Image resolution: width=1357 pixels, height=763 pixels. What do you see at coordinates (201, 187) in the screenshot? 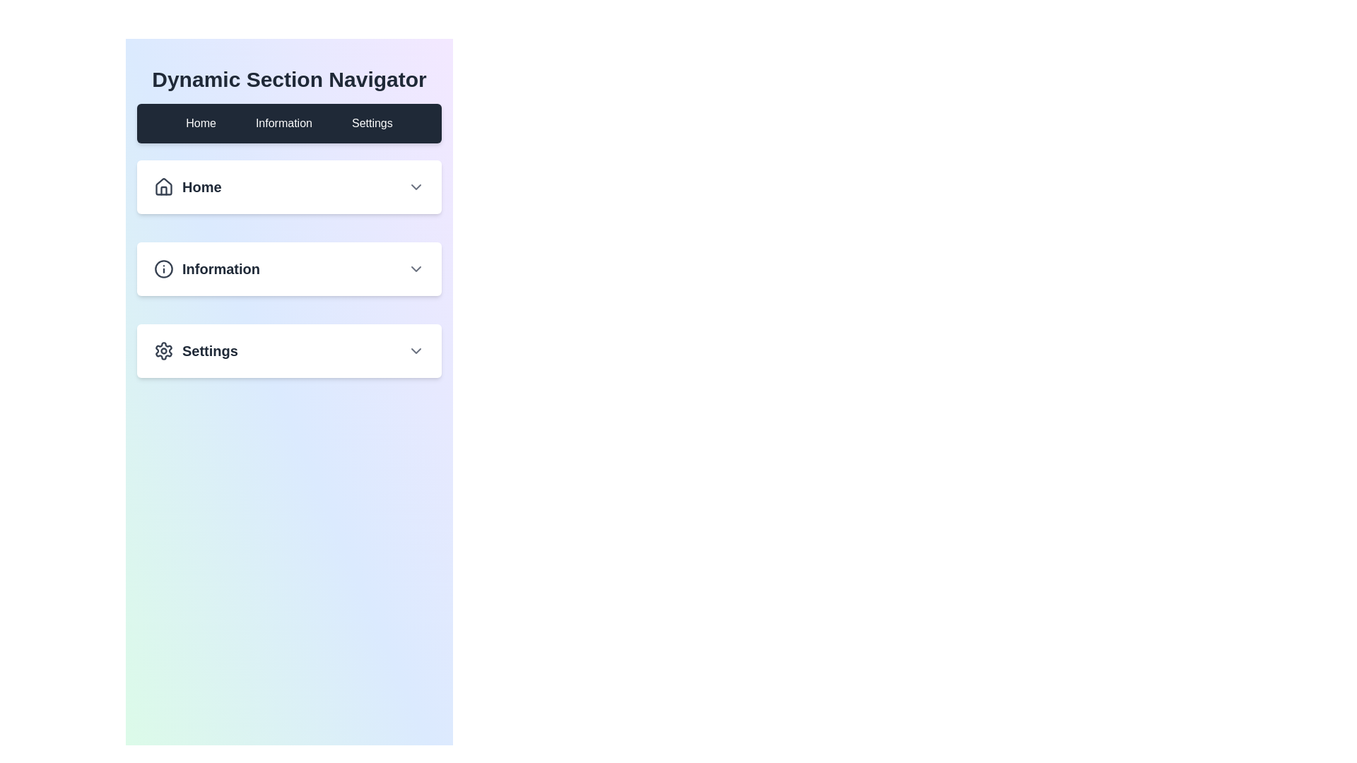
I see `the 'Home' text label, which is bold and dark gray, located in the navigation panel` at bounding box center [201, 187].